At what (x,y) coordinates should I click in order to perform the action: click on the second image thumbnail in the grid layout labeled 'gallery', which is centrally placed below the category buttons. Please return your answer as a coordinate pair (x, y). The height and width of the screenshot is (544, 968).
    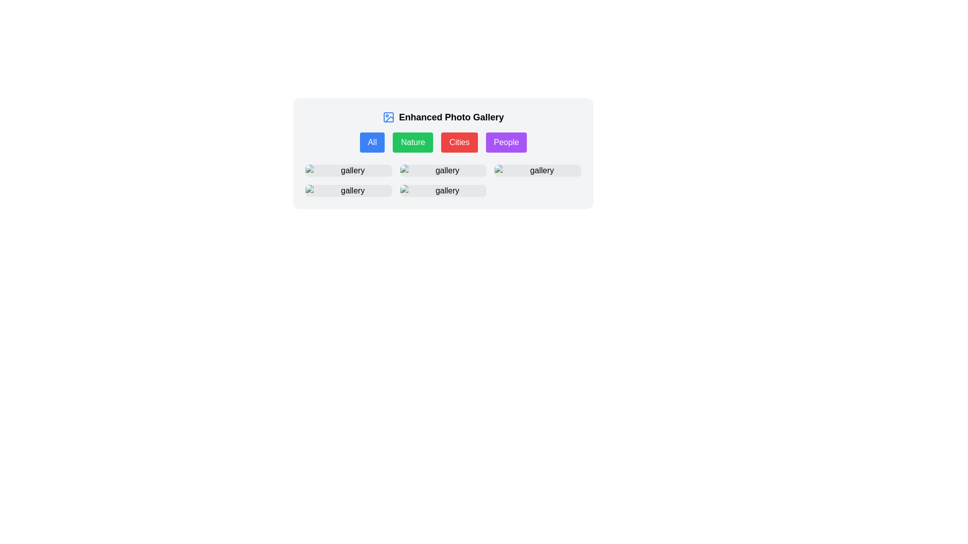
    Looking at the image, I should click on (443, 180).